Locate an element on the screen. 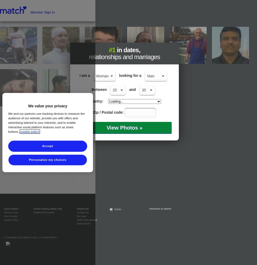 The image size is (257, 265). 'Between' is located at coordinates (99, 89).